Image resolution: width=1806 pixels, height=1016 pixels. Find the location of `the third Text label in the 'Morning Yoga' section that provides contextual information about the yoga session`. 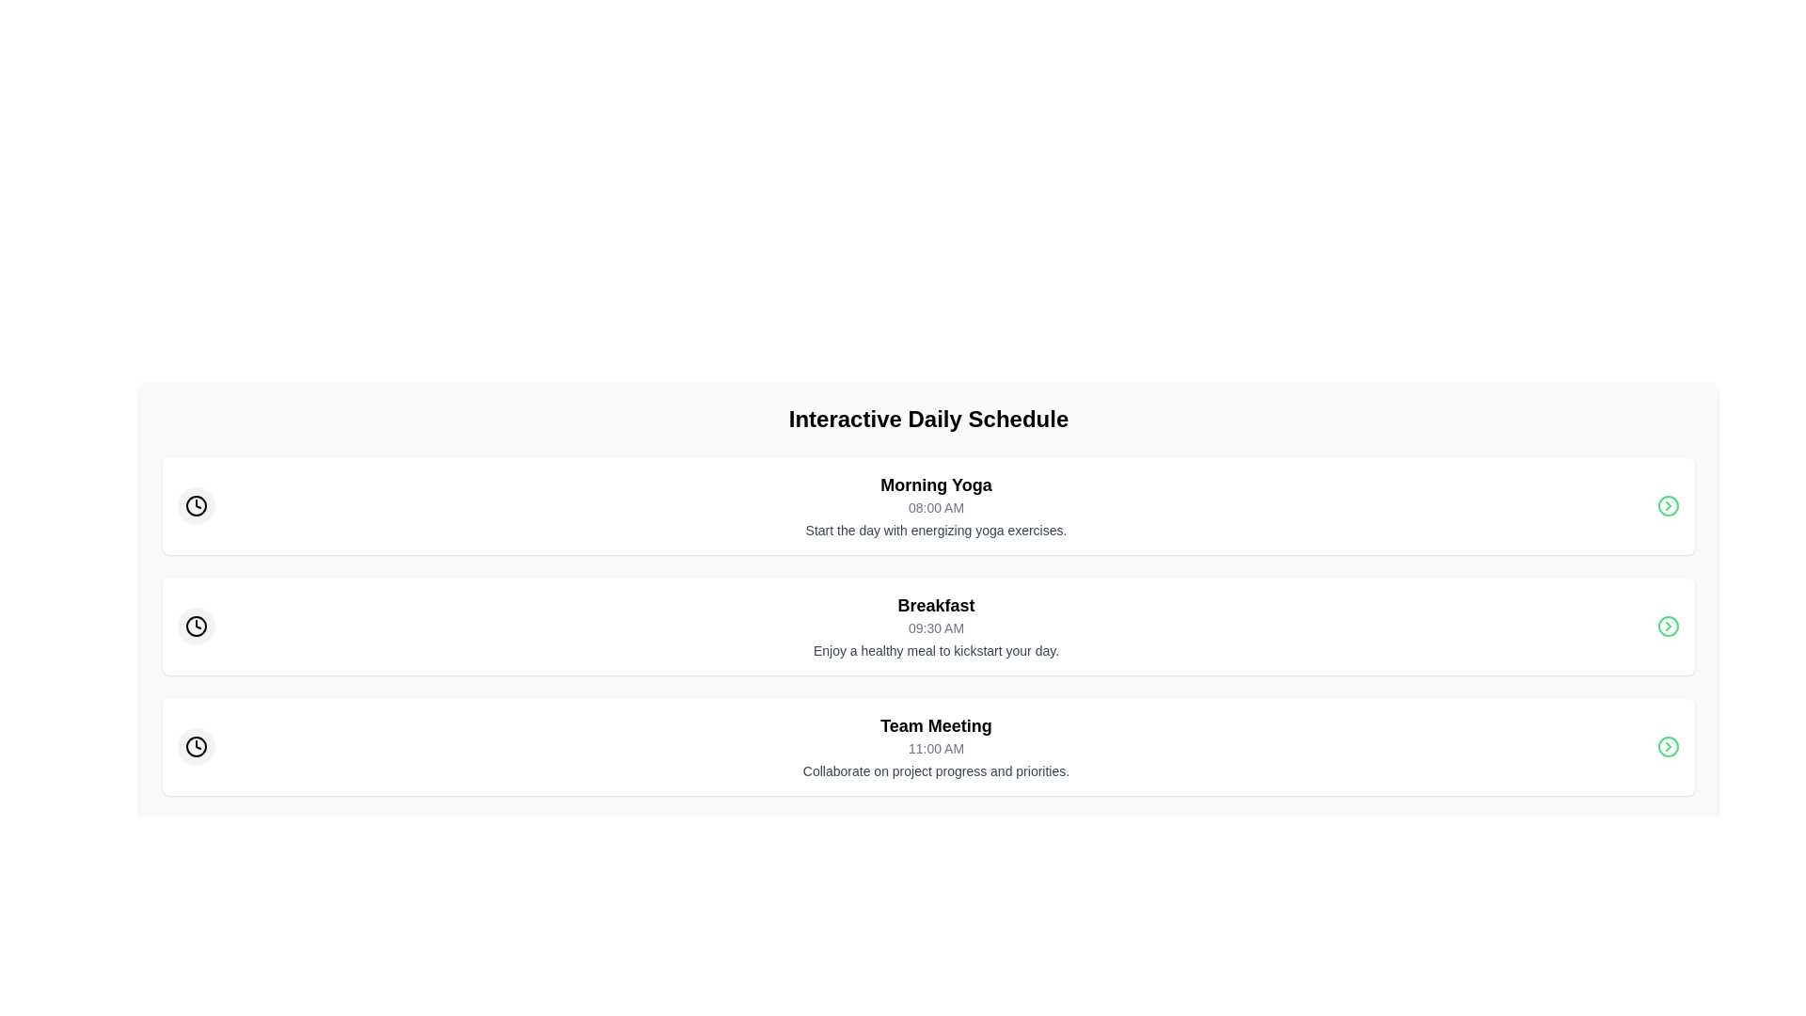

the third Text label in the 'Morning Yoga' section that provides contextual information about the yoga session is located at coordinates (936, 530).